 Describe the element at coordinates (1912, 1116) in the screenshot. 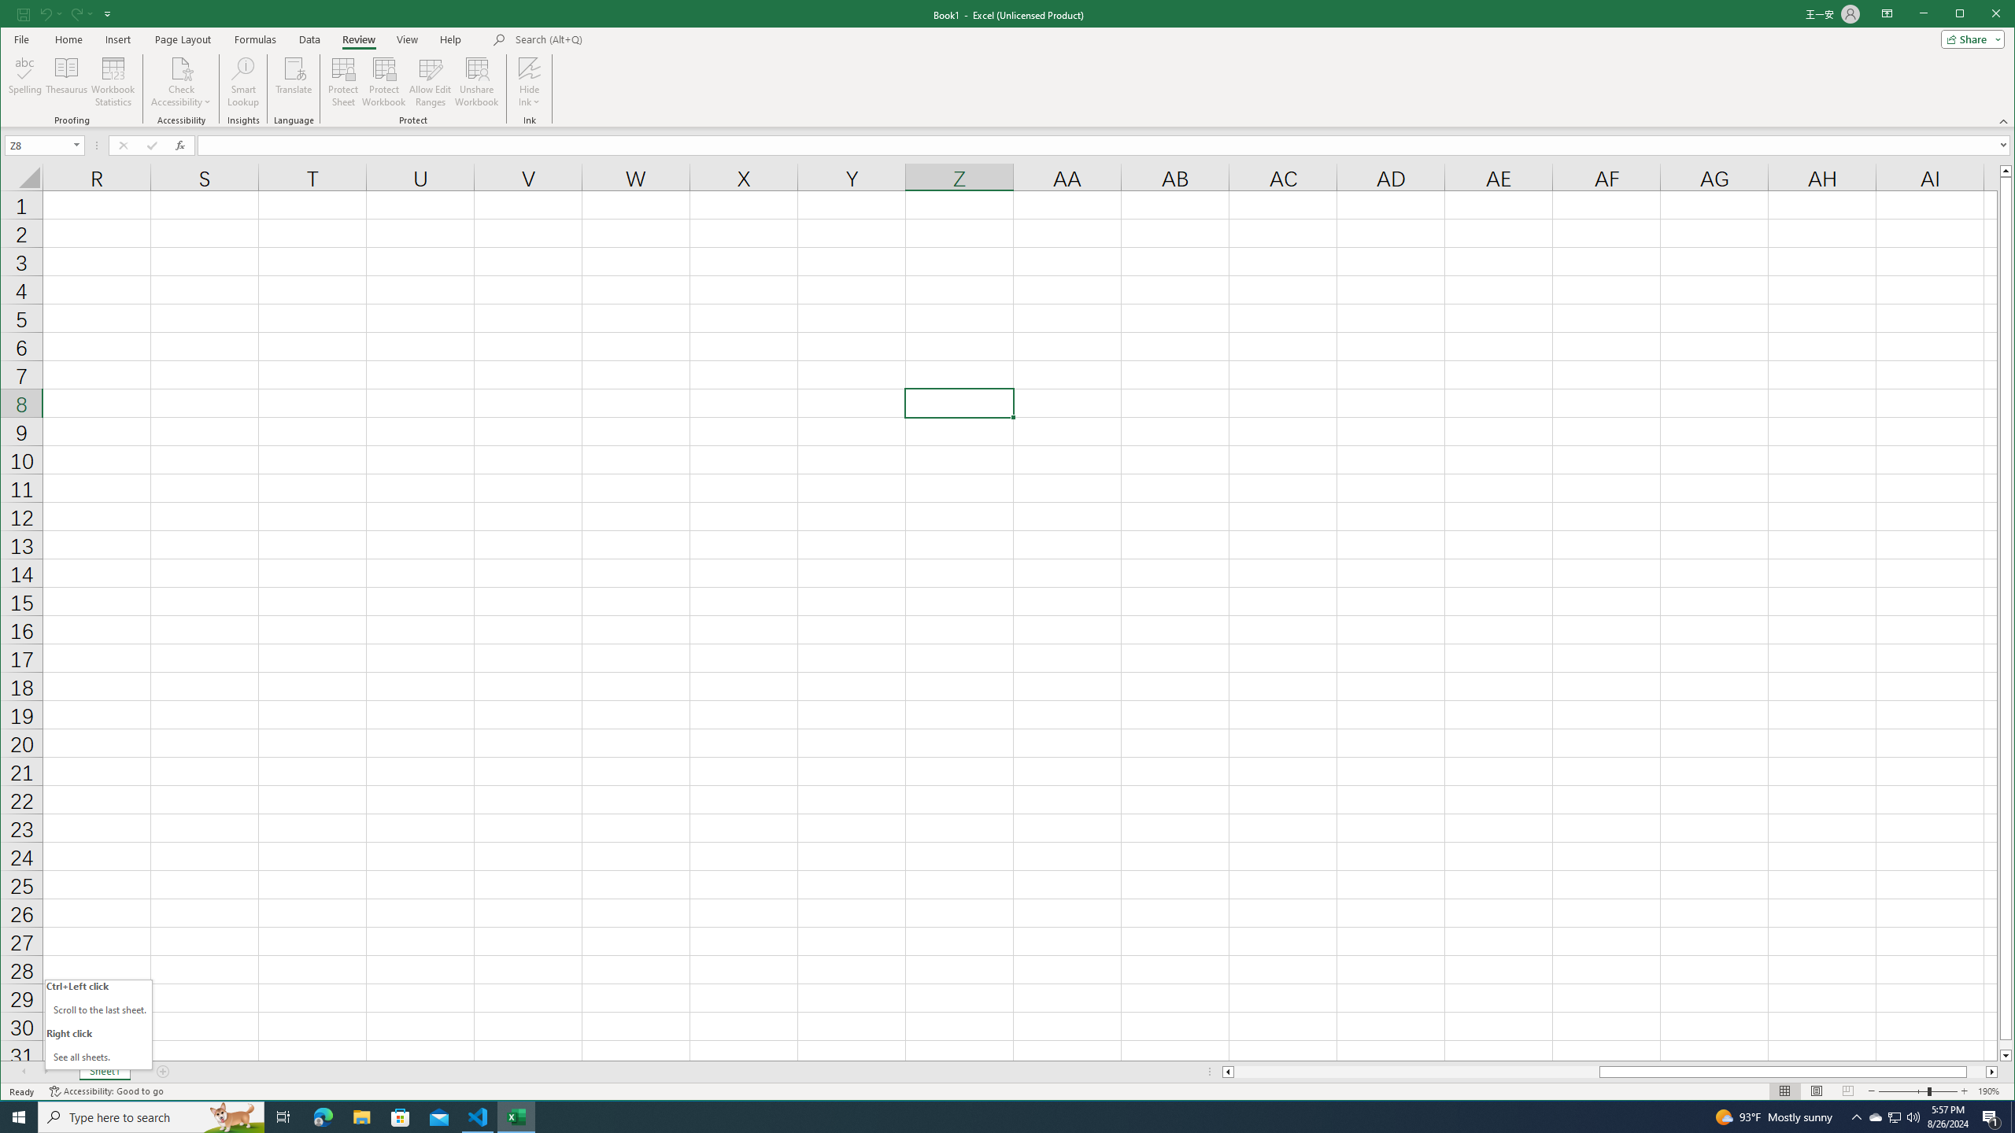

I see `'Q2790: 100%'` at that location.